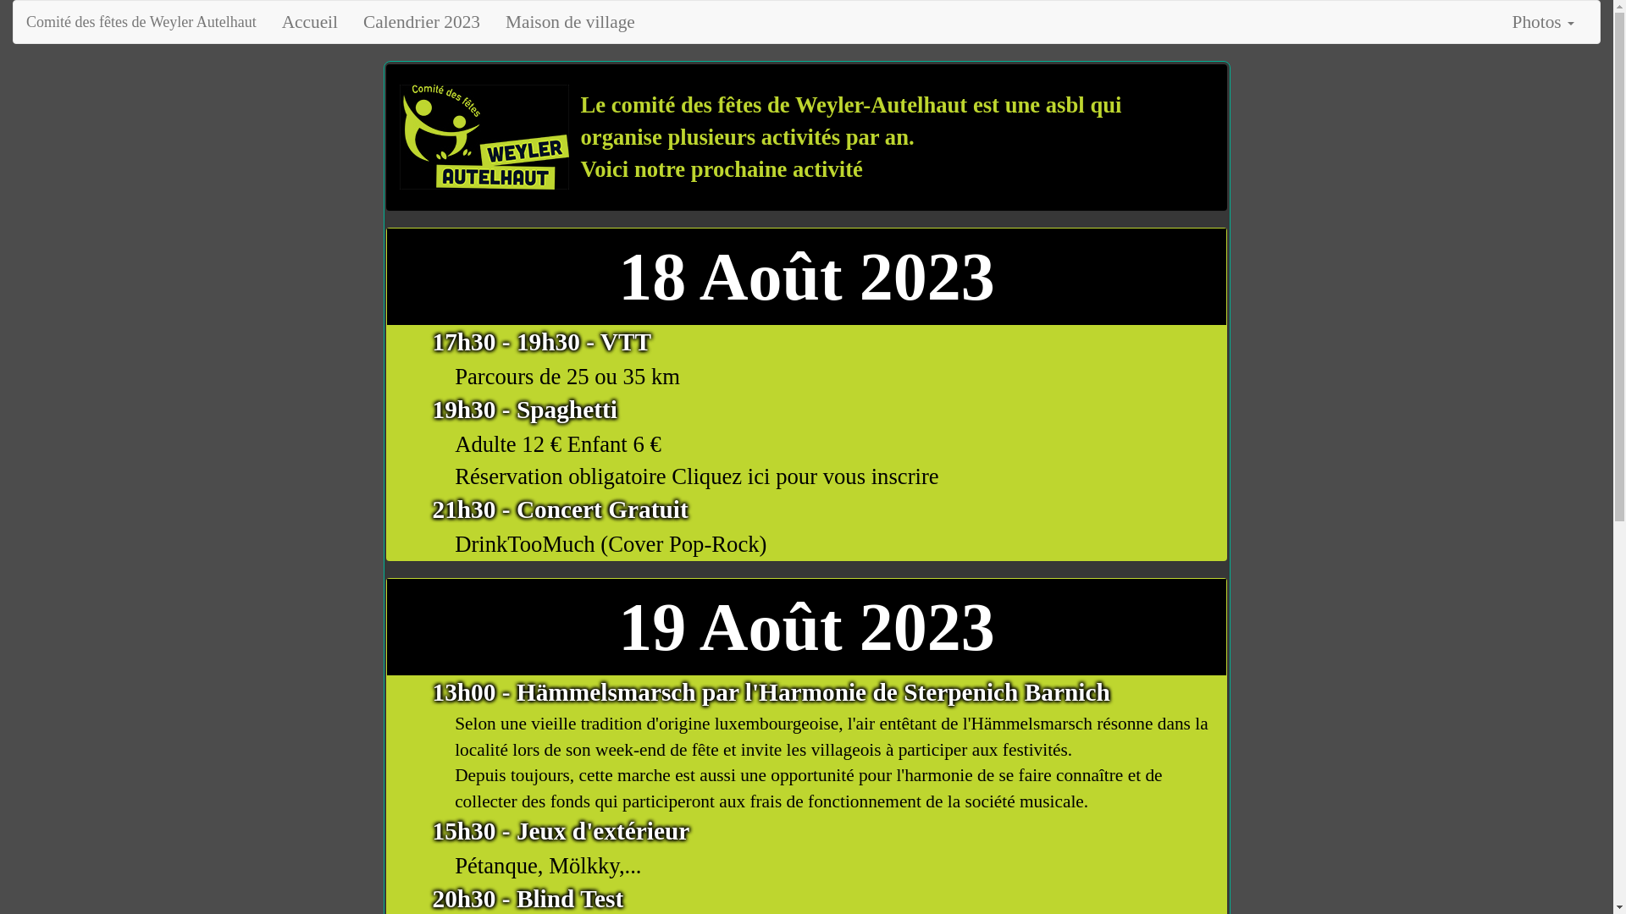  Describe the element at coordinates (570, 22) in the screenshot. I see `'Maison de village'` at that location.